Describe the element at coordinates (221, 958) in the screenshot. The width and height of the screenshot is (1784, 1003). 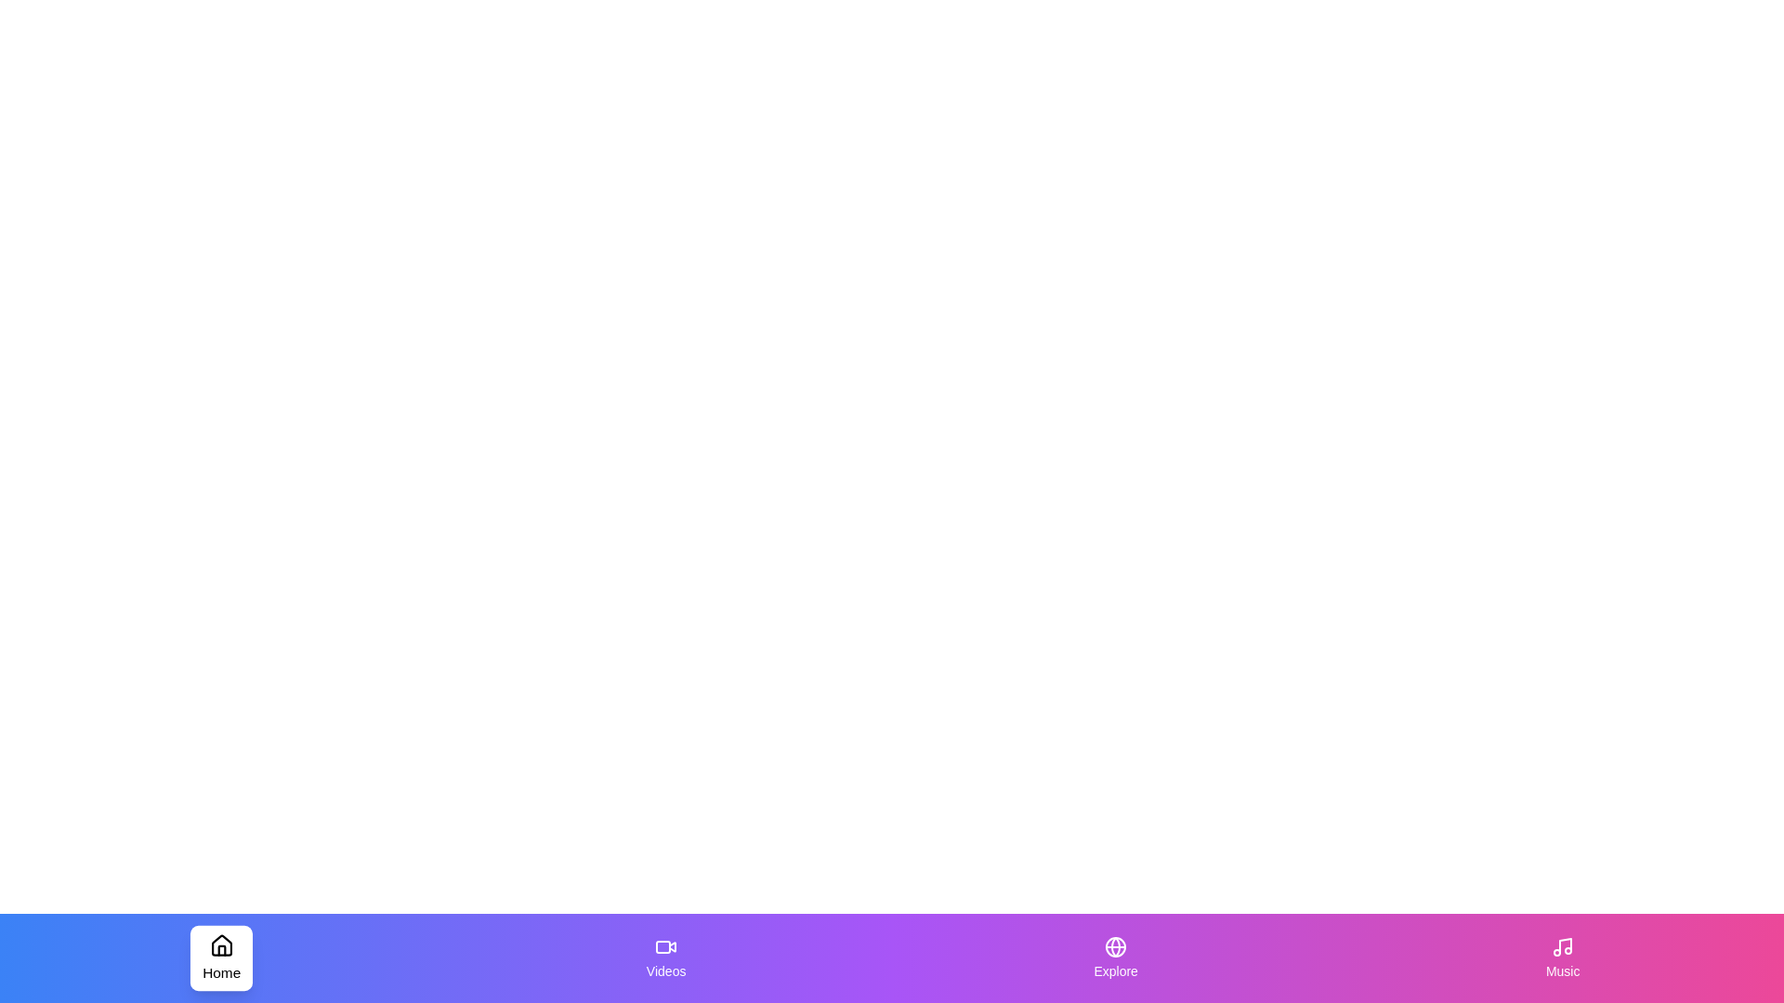
I see `the Home tab by clicking on its icon or label` at that location.